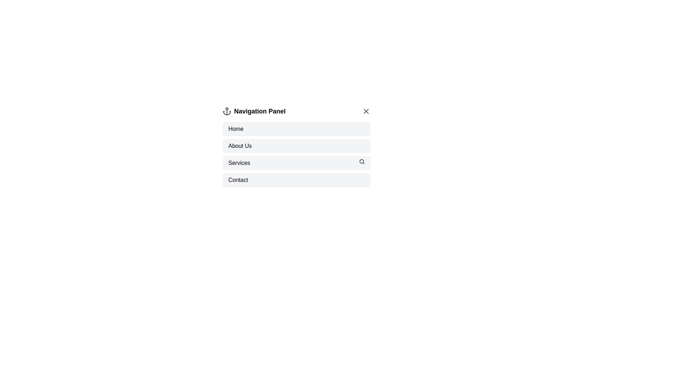 Image resolution: width=682 pixels, height=383 pixels. Describe the element at coordinates (238, 180) in the screenshot. I see `the text label of the fourth button in the vertical navigation menu panel, which indicates the button's purpose` at that location.